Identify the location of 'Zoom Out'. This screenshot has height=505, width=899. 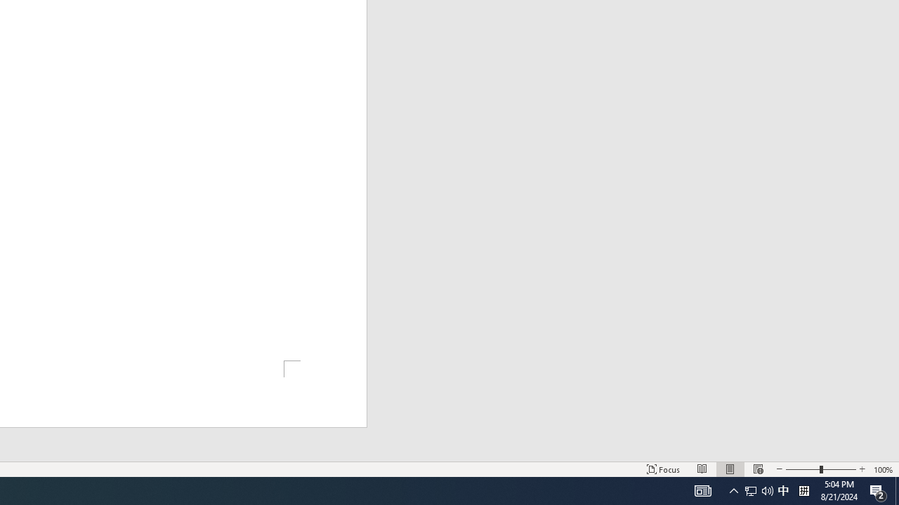
(803, 469).